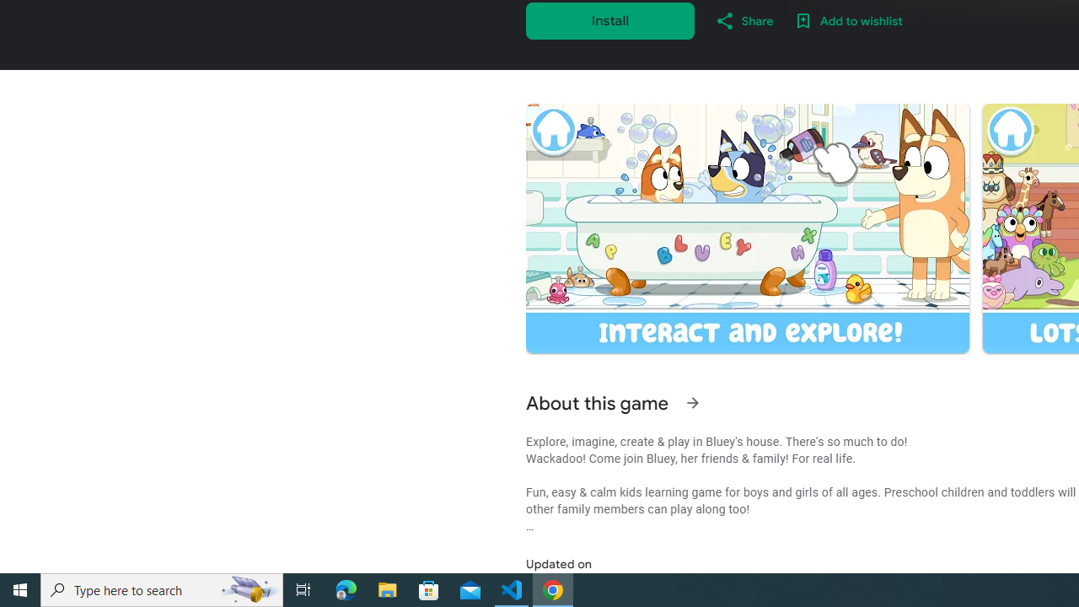 The width and height of the screenshot is (1079, 607). I want to click on 'Share', so click(742, 20).